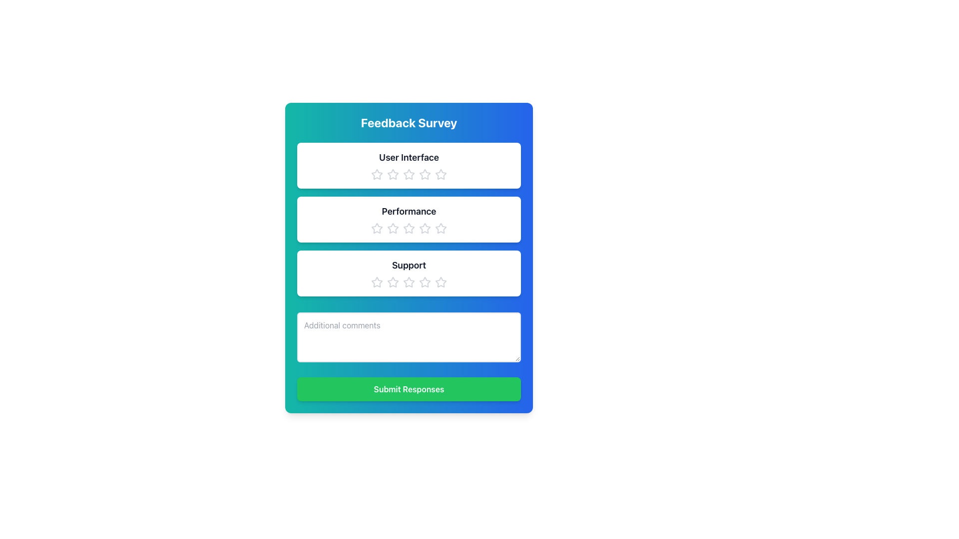  What do you see at coordinates (425, 229) in the screenshot?
I see `the fourth star in the interactive rating component under the 'Performance' section` at bounding box center [425, 229].